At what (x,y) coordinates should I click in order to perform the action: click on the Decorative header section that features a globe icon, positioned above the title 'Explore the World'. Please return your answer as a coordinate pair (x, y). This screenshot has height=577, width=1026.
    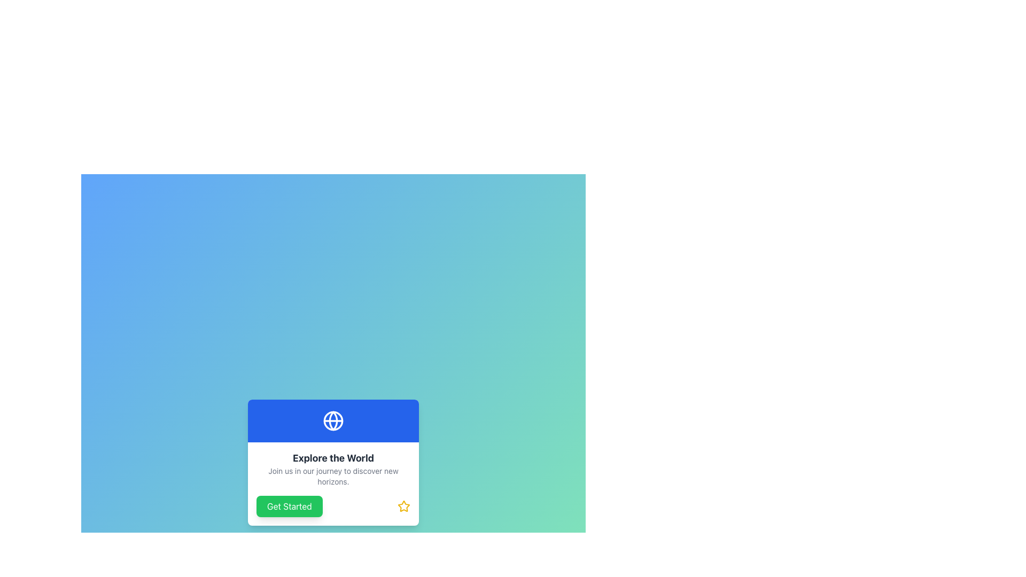
    Looking at the image, I should click on (333, 420).